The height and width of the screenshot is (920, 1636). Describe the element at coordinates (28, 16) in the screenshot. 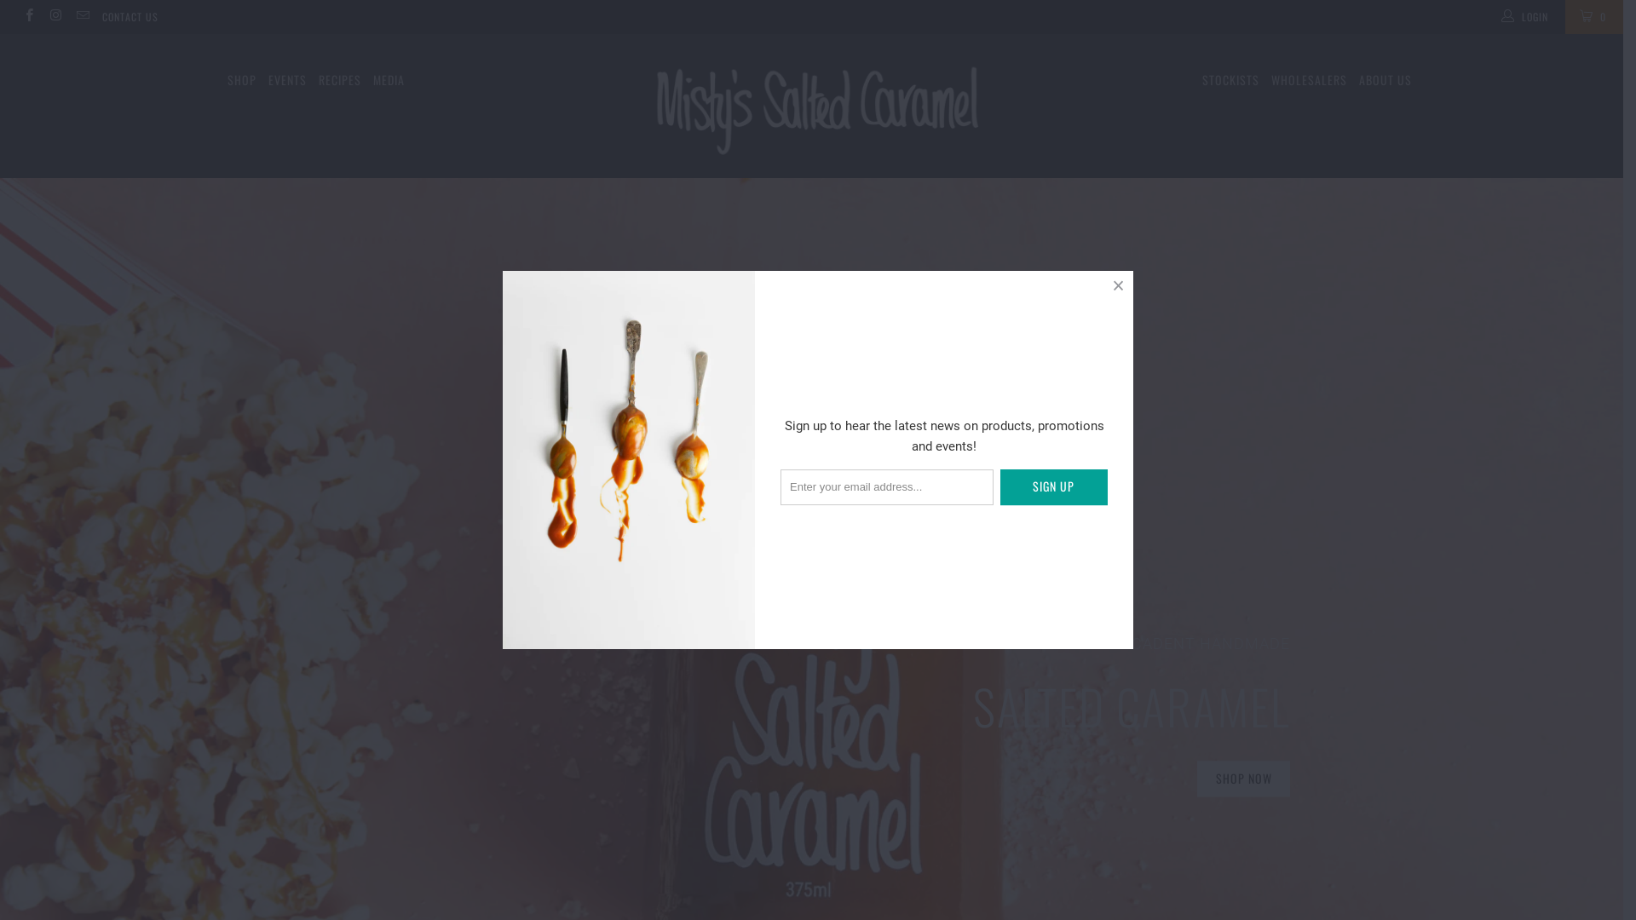

I see `'Misty's Salted Caramel on Facebook'` at that location.